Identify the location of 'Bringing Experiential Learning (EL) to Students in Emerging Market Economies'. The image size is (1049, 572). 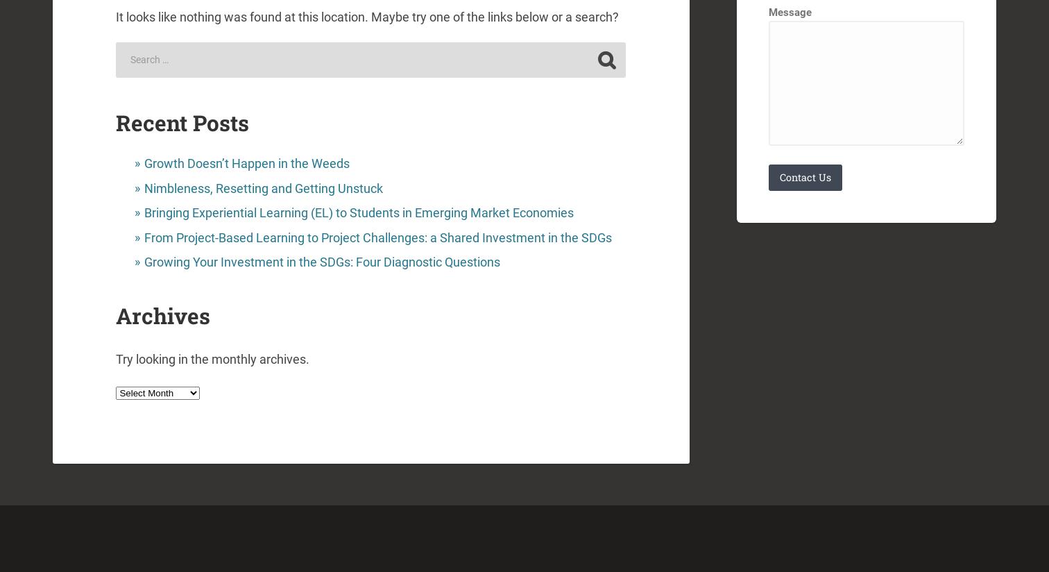
(359, 212).